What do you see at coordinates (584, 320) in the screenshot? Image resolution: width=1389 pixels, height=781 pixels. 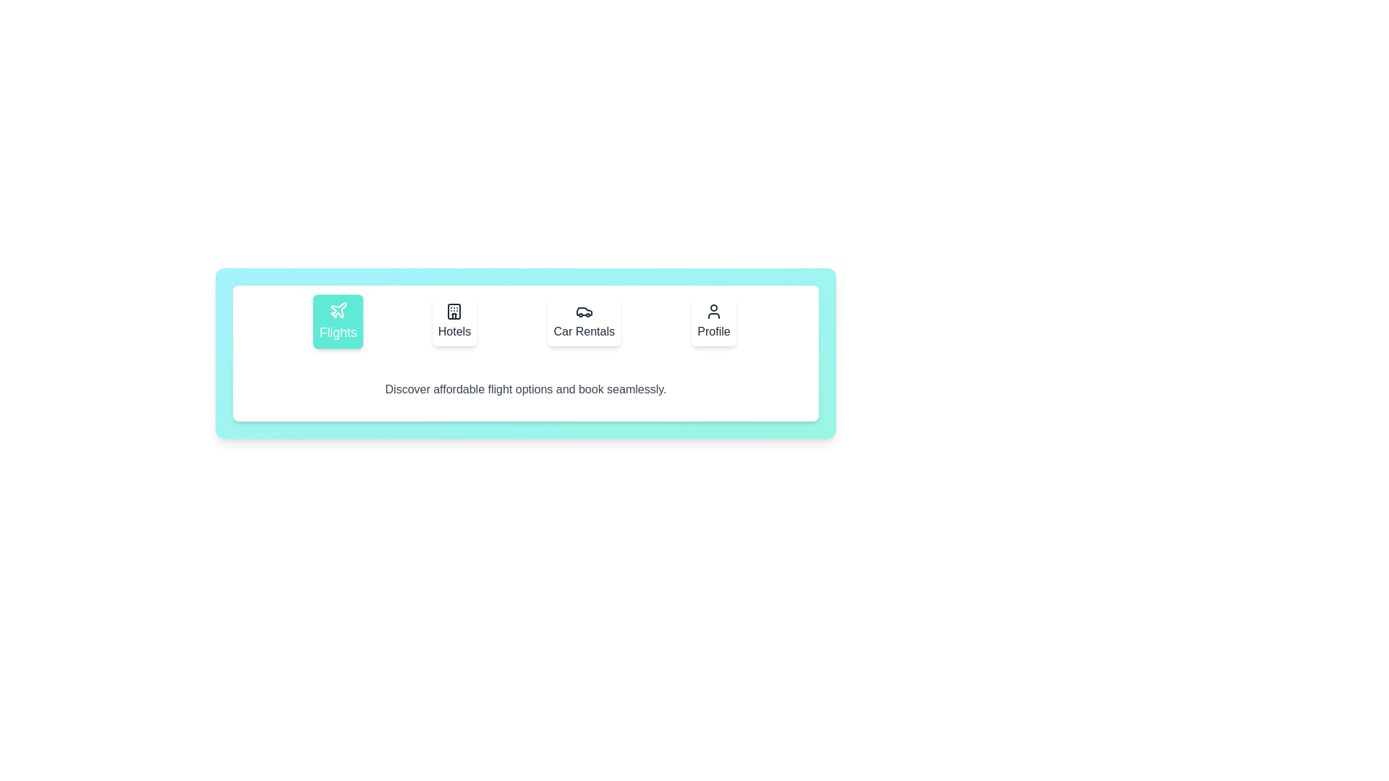 I see `the Car Rentals tab to view its content` at bounding box center [584, 320].